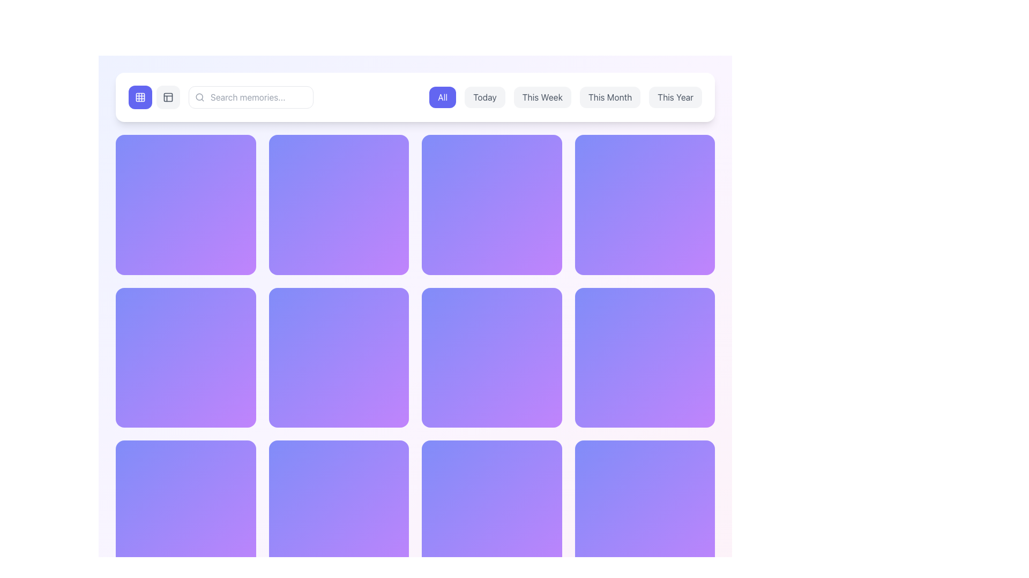 Image resolution: width=1029 pixels, height=578 pixels. What do you see at coordinates (443, 97) in the screenshot?
I see `the 'All' button located in the top center of the interface to apply the 'All' filter` at bounding box center [443, 97].